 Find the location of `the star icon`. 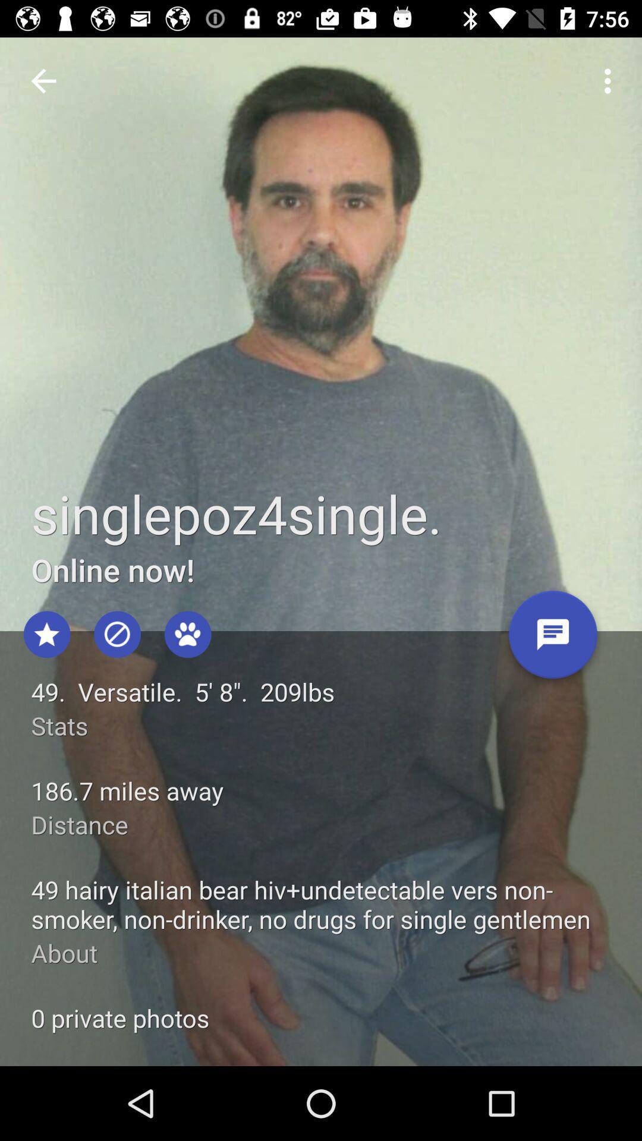

the star icon is located at coordinates (46, 633).